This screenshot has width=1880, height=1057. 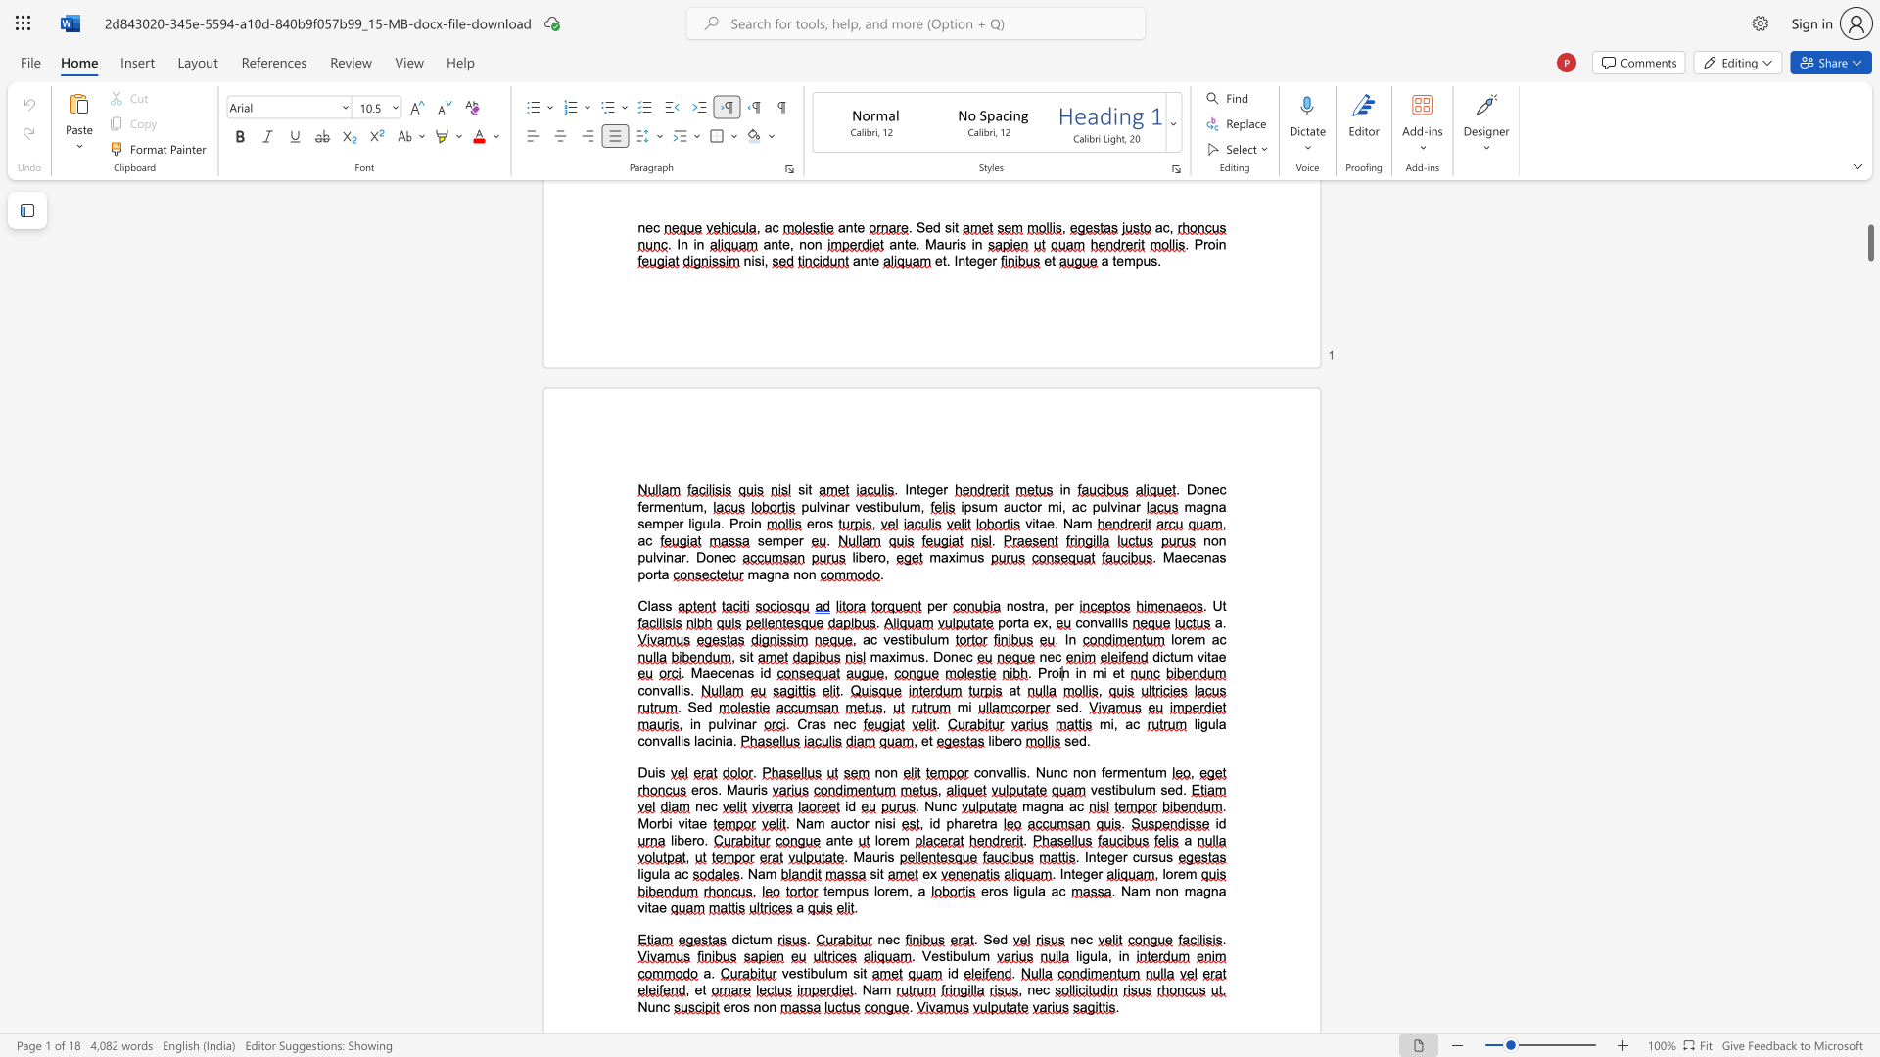 What do you see at coordinates (1056, 771) in the screenshot?
I see `the 2th character "n" in the text` at bounding box center [1056, 771].